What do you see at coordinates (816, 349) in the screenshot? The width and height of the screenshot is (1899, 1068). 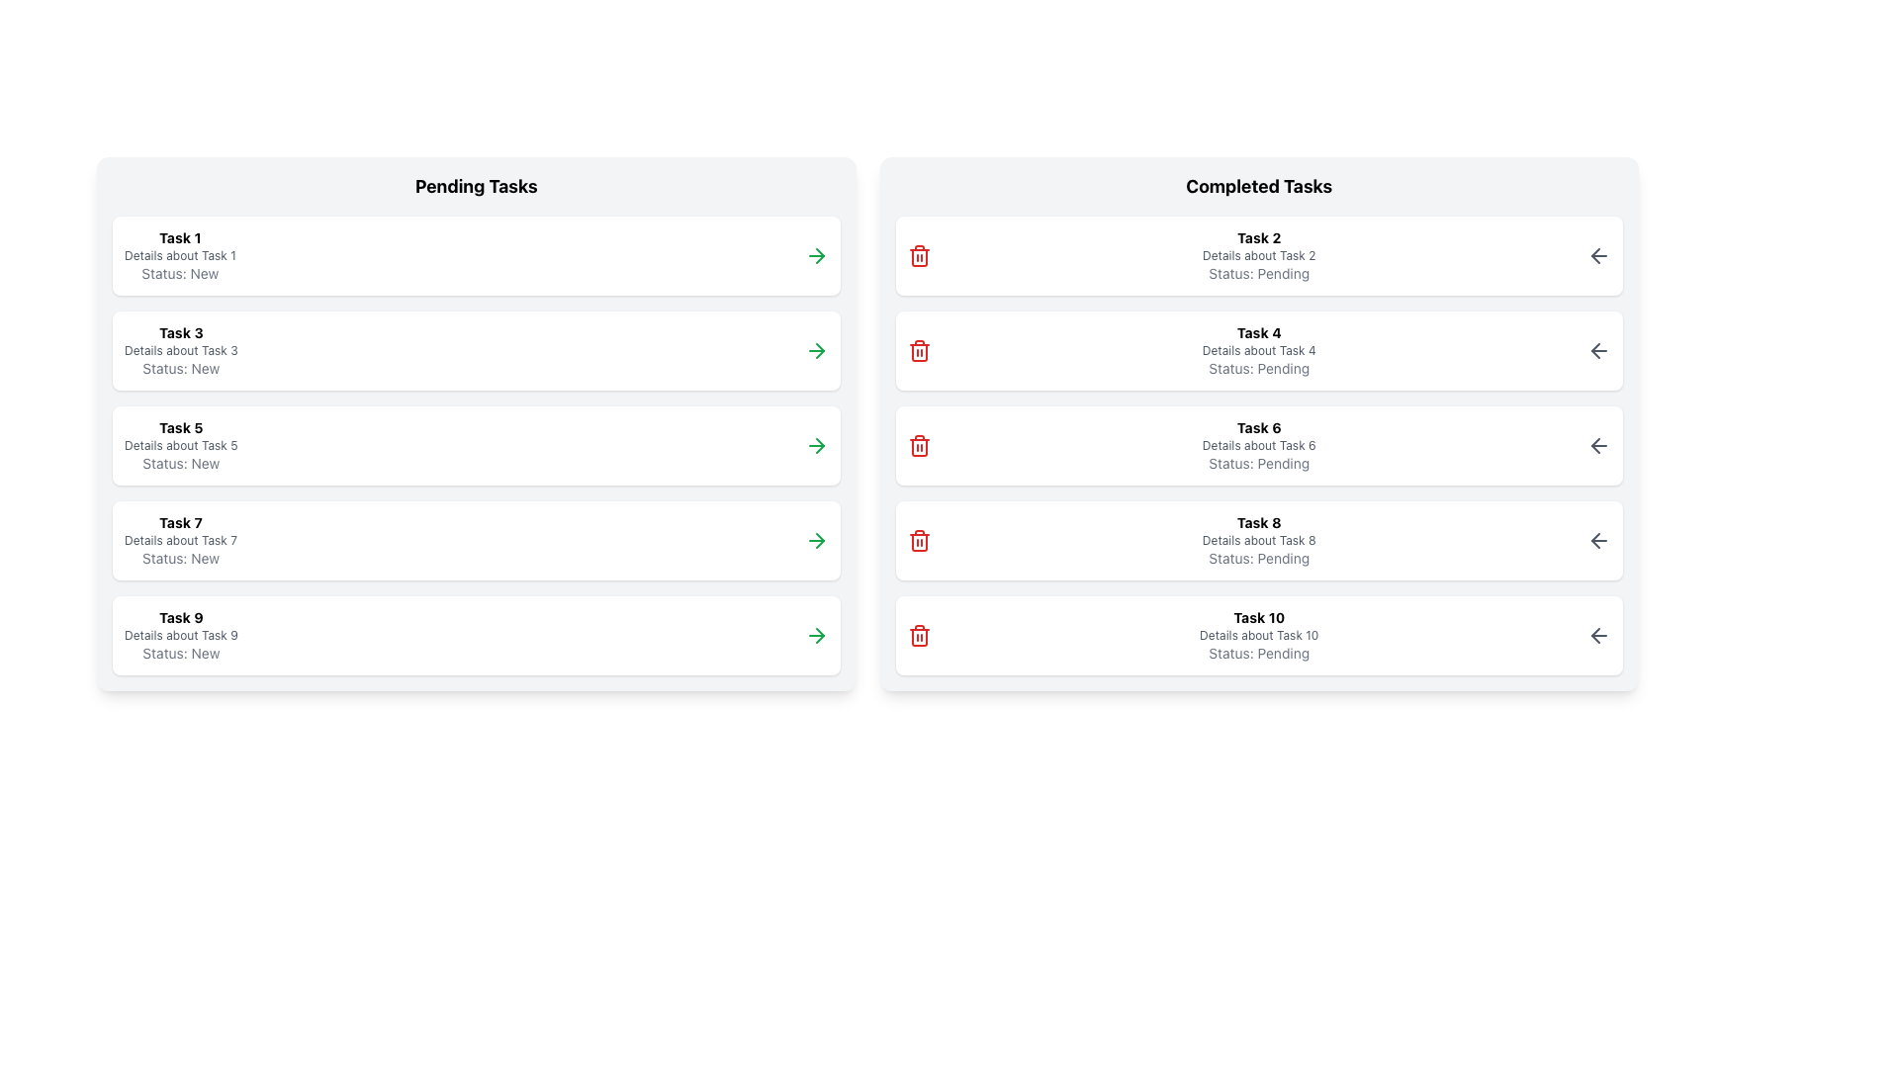 I see `the icon associated with 'Task 3' in the 'Pending Tasks' column` at bounding box center [816, 349].